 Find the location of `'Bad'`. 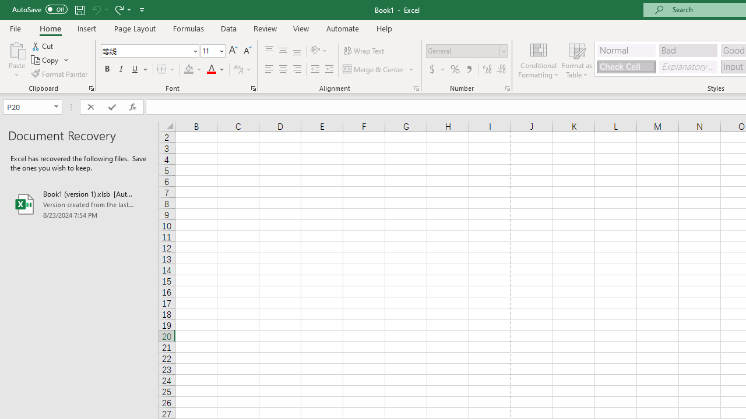

'Bad' is located at coordinates (688, 49).